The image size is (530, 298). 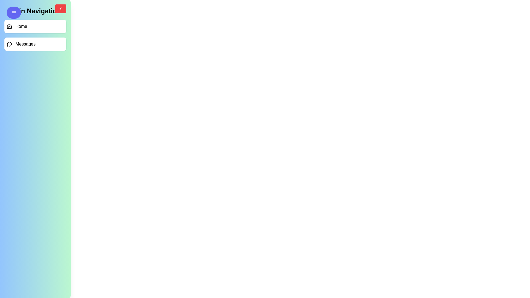 I want to click on the menu icon represented by three horizontal lines within a purple circular button located at the top-left corner of the interface, so click(x=14, y=12).